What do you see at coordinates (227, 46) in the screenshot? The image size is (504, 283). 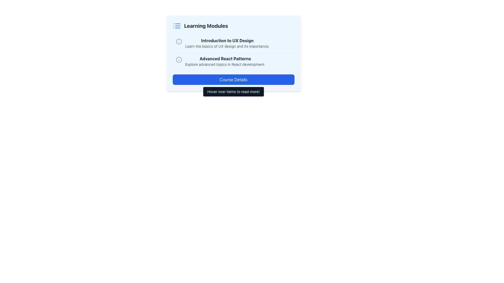 I see `the text label that reads 'Learn the basics of UX design and its importance,' which is located below the title 'Introduction to UX Design' in the learning modules section of a light blue card` at bounding box center [227, 46].